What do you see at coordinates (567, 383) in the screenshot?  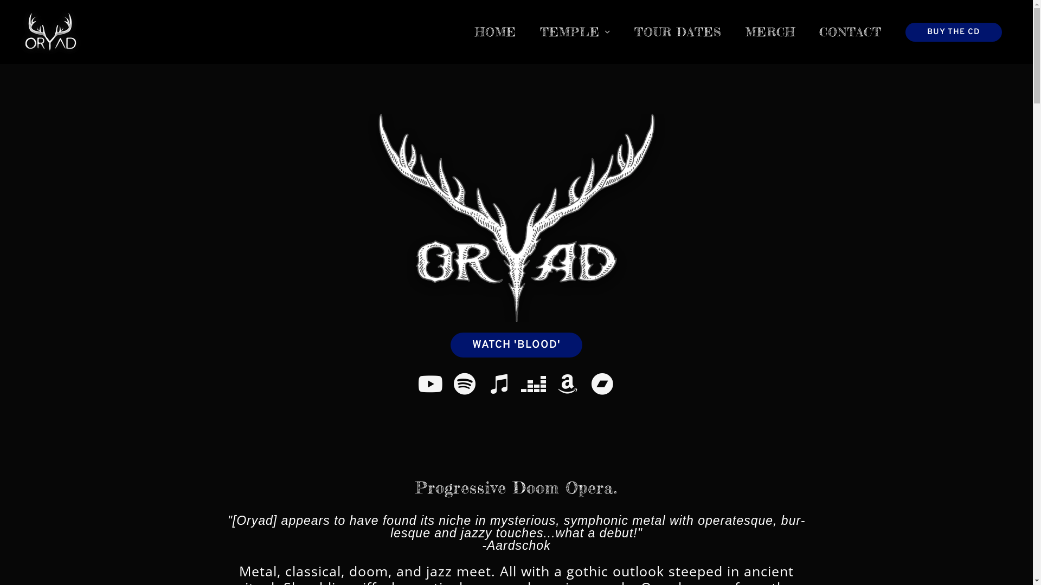 I see `'Amazon'` at bounding box center [567, 383].